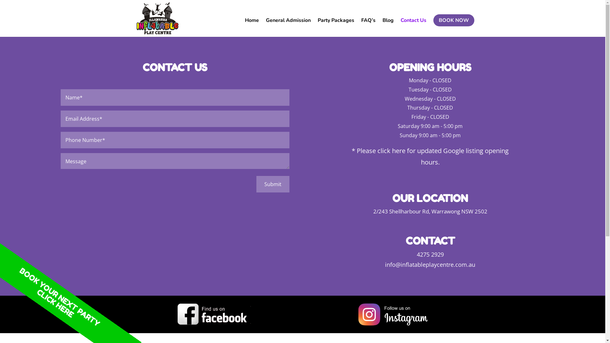 The image size is (610, 343). Describe the element at coordinates (273, 184) in the screenshot. I see `'Submit'` at that location.